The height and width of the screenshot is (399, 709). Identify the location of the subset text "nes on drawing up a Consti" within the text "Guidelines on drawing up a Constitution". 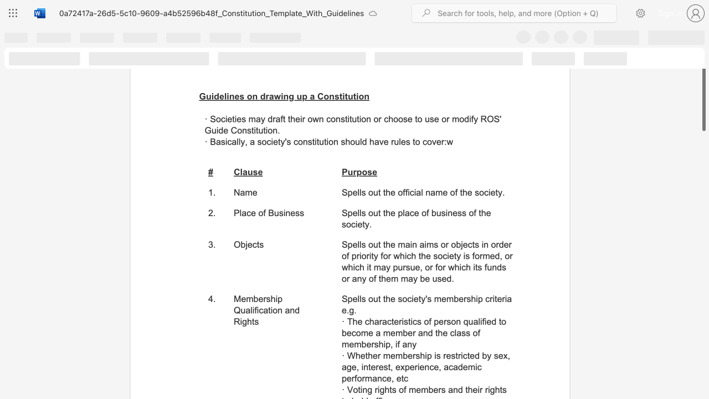
(228, 96).